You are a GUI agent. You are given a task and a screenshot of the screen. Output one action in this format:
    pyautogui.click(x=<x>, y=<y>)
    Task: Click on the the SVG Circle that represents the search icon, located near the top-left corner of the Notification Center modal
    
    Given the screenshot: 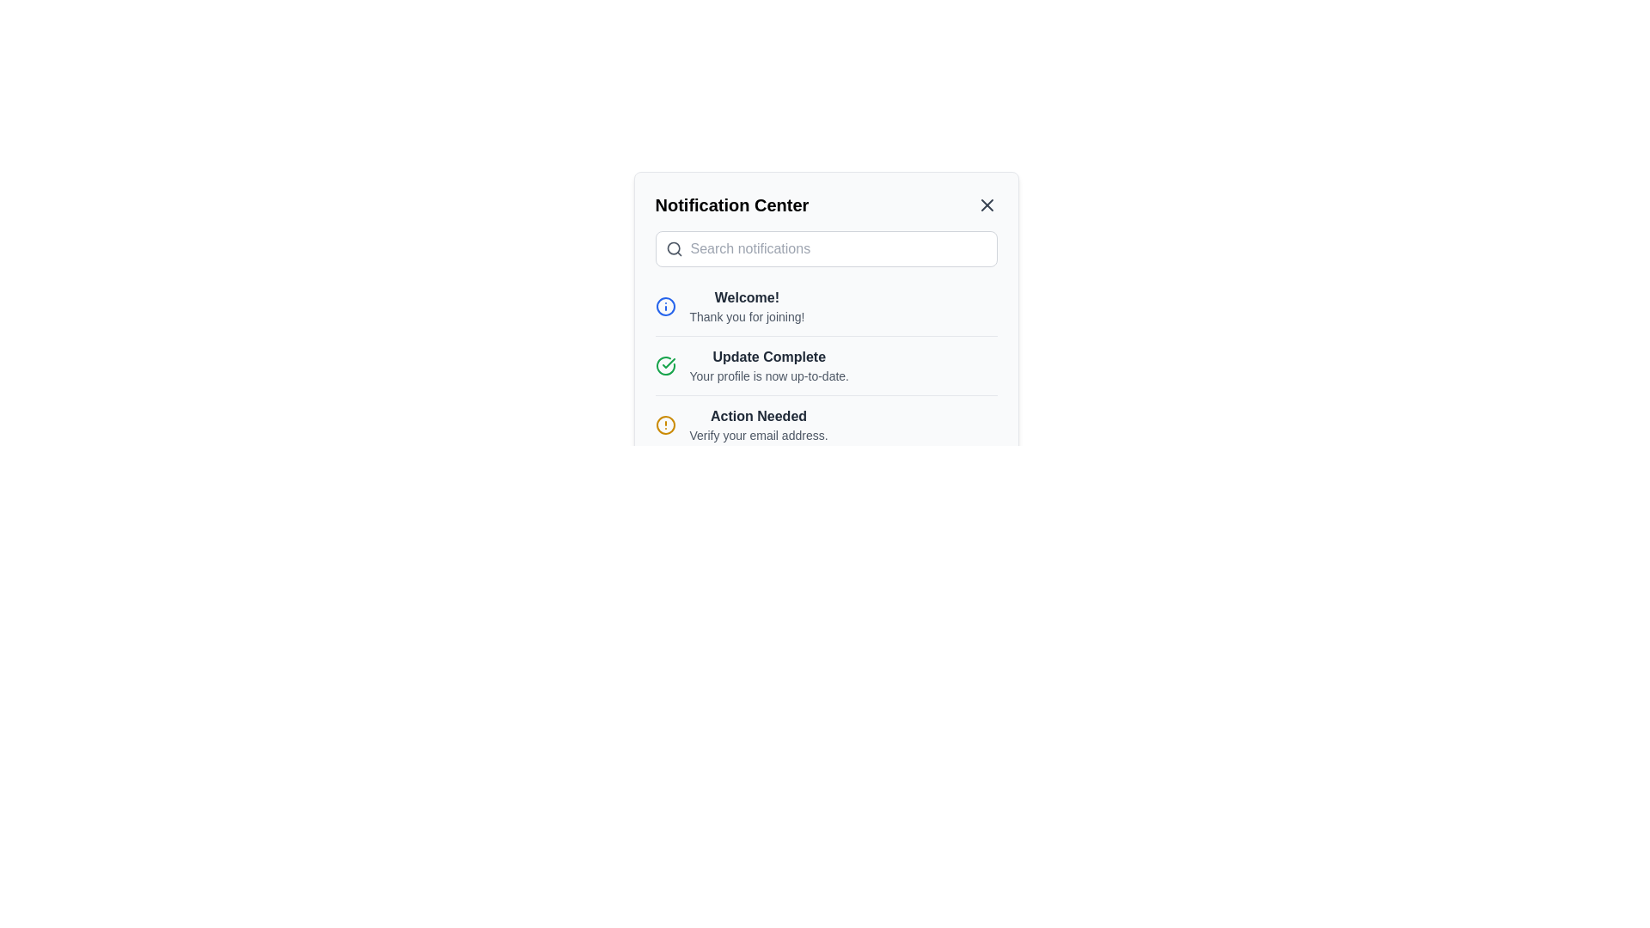 What is the action you would take?
    pyautogui.click(x=672, y=248)
    